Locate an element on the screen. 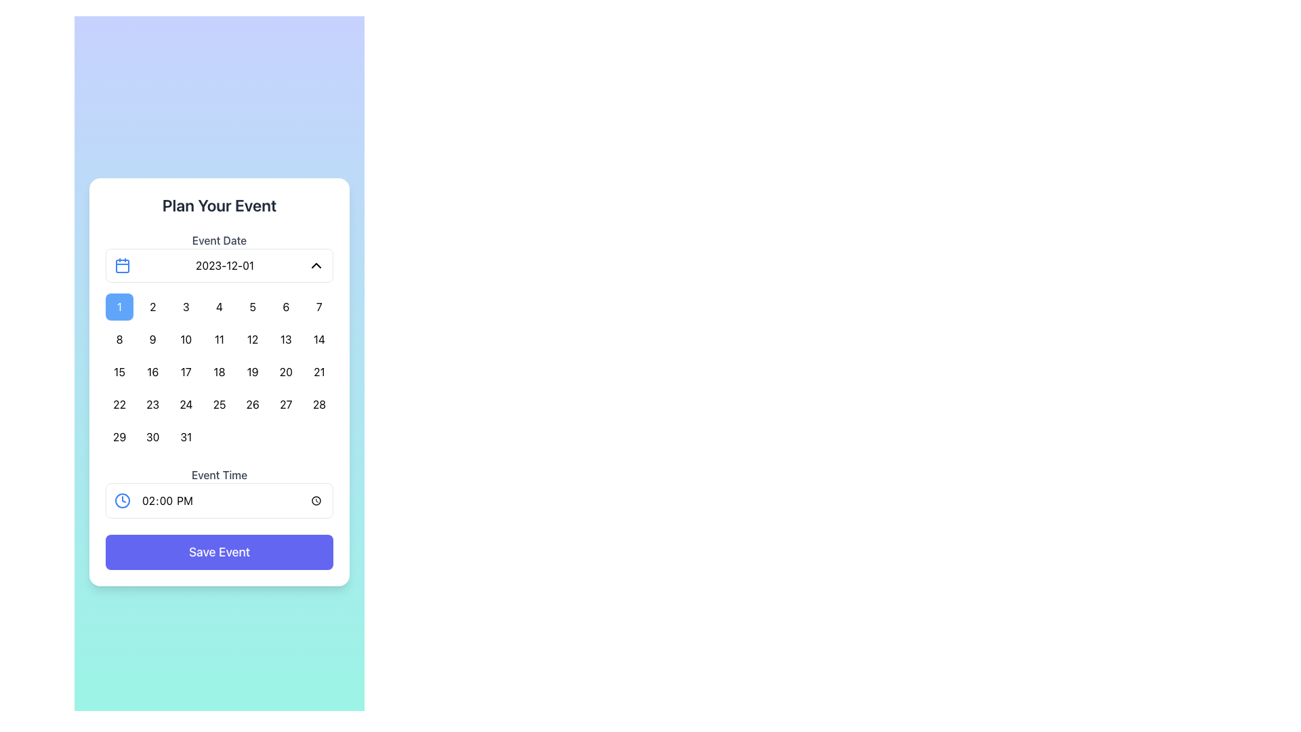 The width and height of the screenshot is (1301, 732). the button representing the 25th day in the calendar is located at coordinates (219, 404).